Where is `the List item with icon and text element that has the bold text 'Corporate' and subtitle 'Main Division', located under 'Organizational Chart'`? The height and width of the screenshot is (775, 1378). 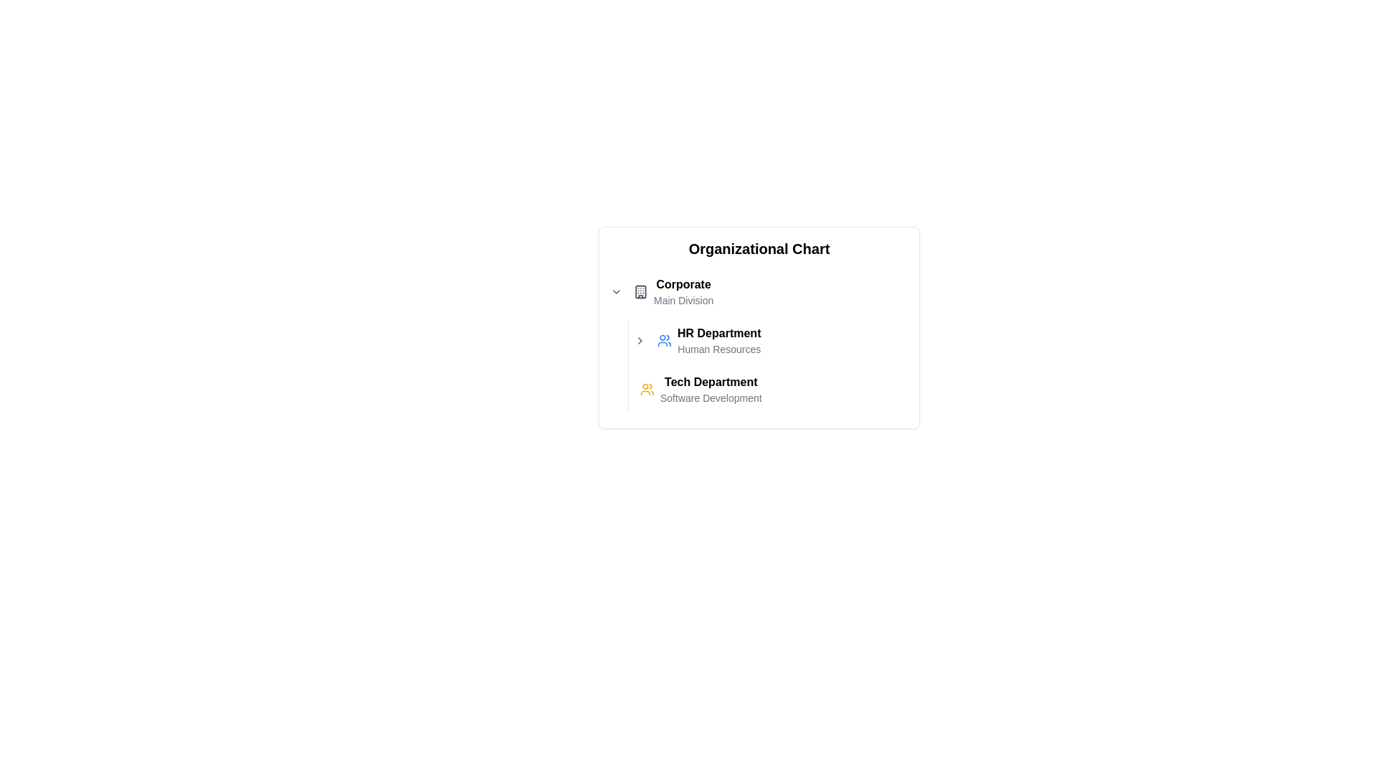
the List item with icon and text element that has the bold text 'Corporate' and subtitle 'Main Division', located under 'Organizational Chart' is located at coordinates (672, 291).